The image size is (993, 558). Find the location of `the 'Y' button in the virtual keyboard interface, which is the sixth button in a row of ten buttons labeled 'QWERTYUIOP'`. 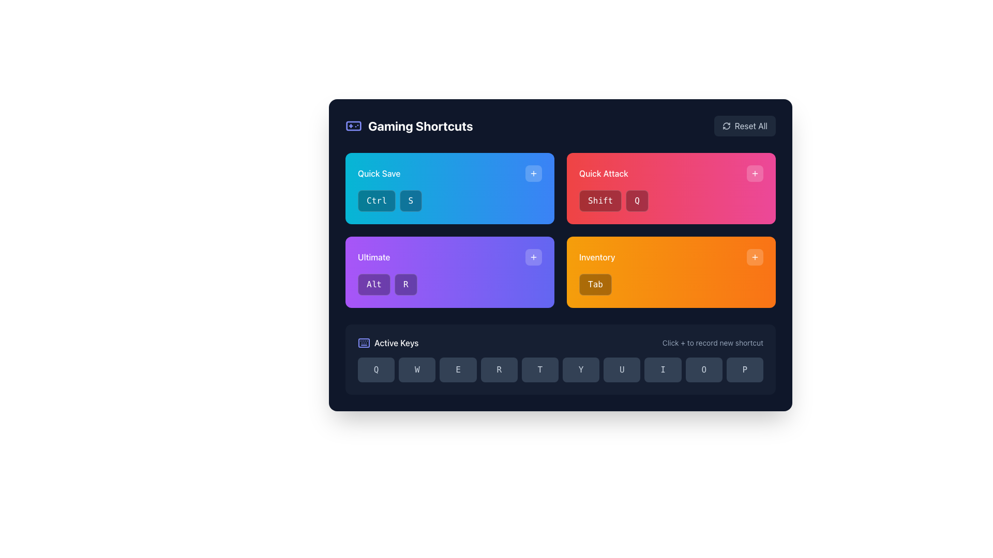

the 'Y' button in the virtual keyboard interface, which is the sixth button in a row of ten buttons labeled 'QWERTYUIOP' is located at coordinates (581, 369).